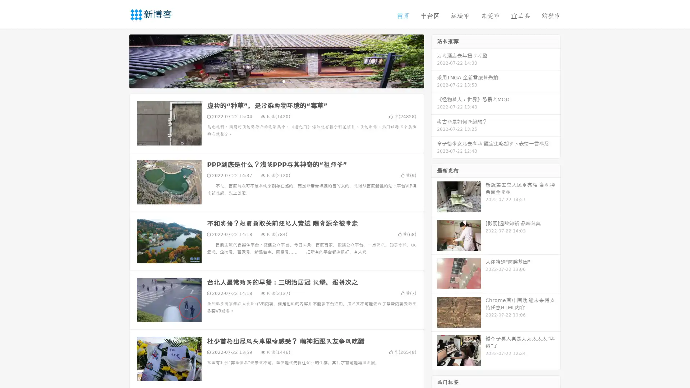 The image size is (690, 388). Describe the element at coordinates (434, 60) in the screenshot. I see `Next slide` at that location.